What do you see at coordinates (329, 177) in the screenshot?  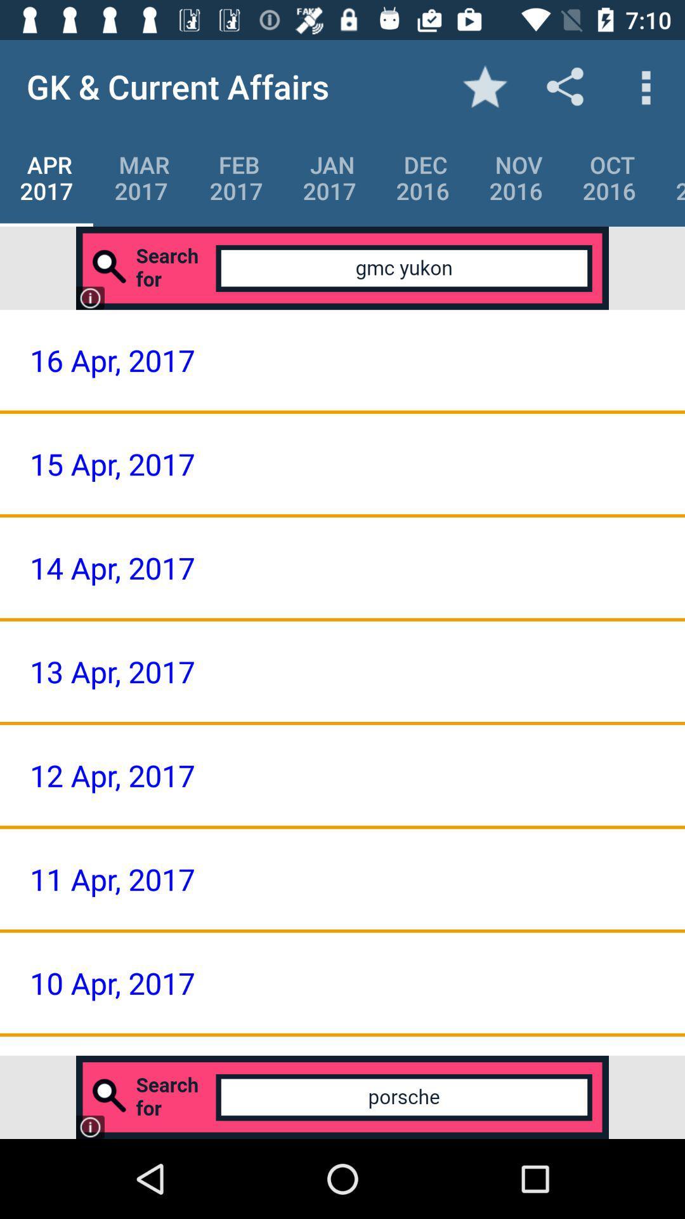 I see `icon next to the  dec` at bounding box center [329, 177].